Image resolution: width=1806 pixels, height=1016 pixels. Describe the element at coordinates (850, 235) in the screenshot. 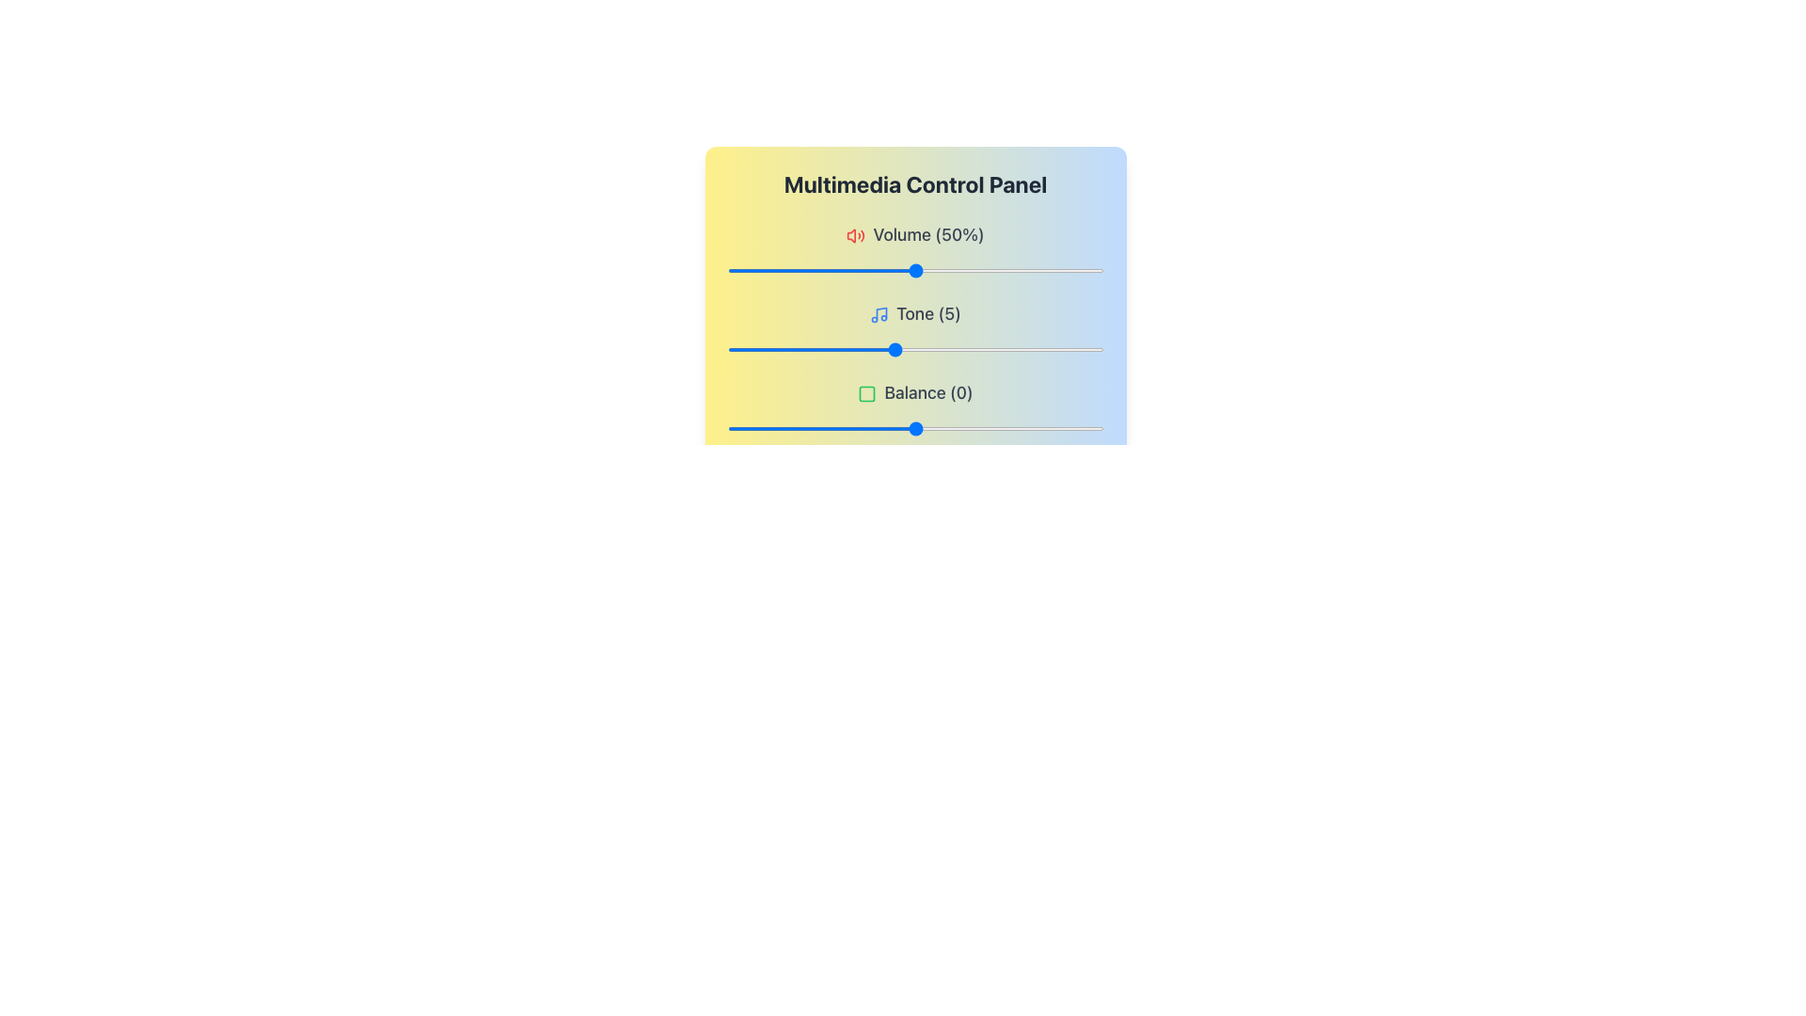

I see `the red graphical icon representing the speaker or volume control, which is located to the left of the 'Volume (50%)' text label` at that location.